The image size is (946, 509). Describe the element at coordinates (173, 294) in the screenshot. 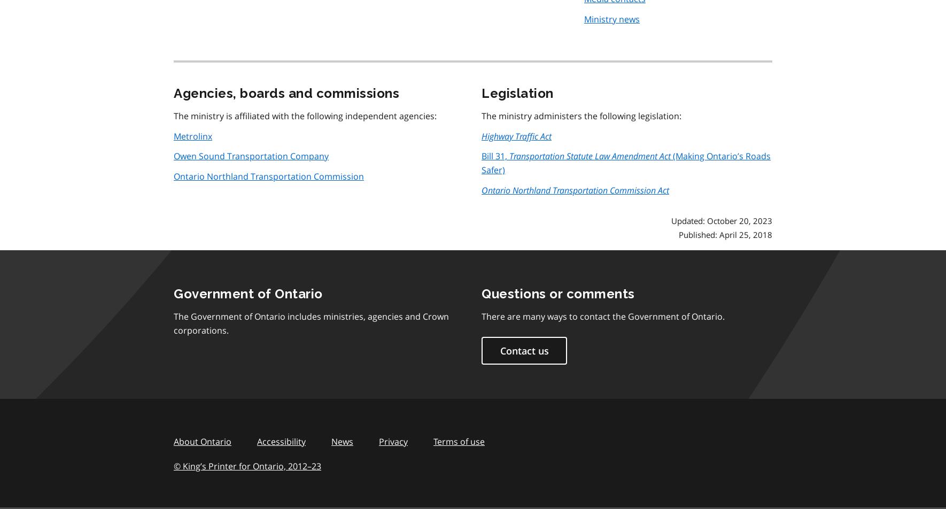

I see `'Government of Ontario'` at that location.